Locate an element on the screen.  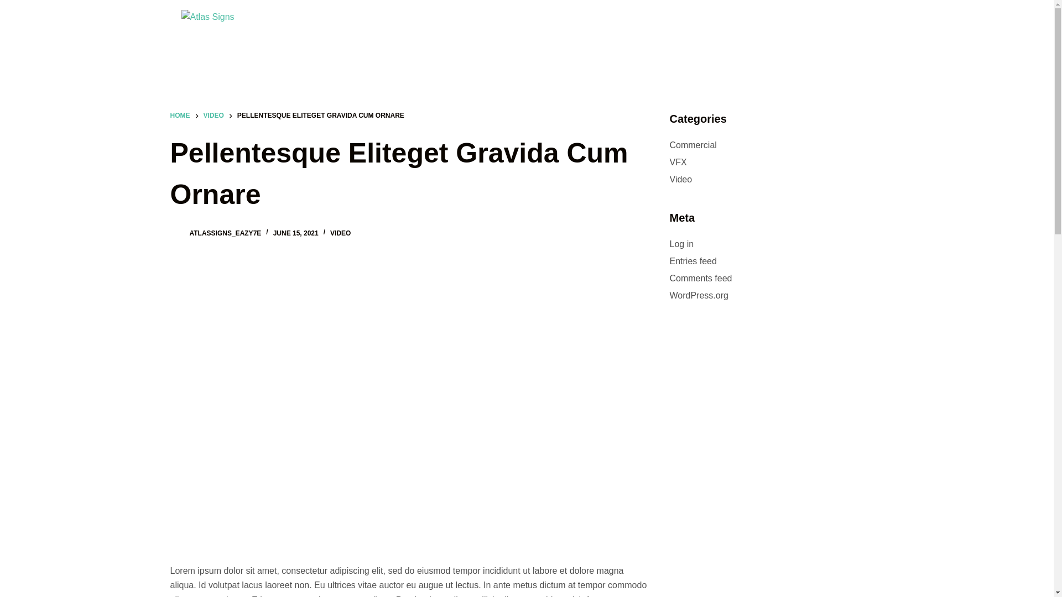
'VIDEO' is located at coordinates (329, 232).